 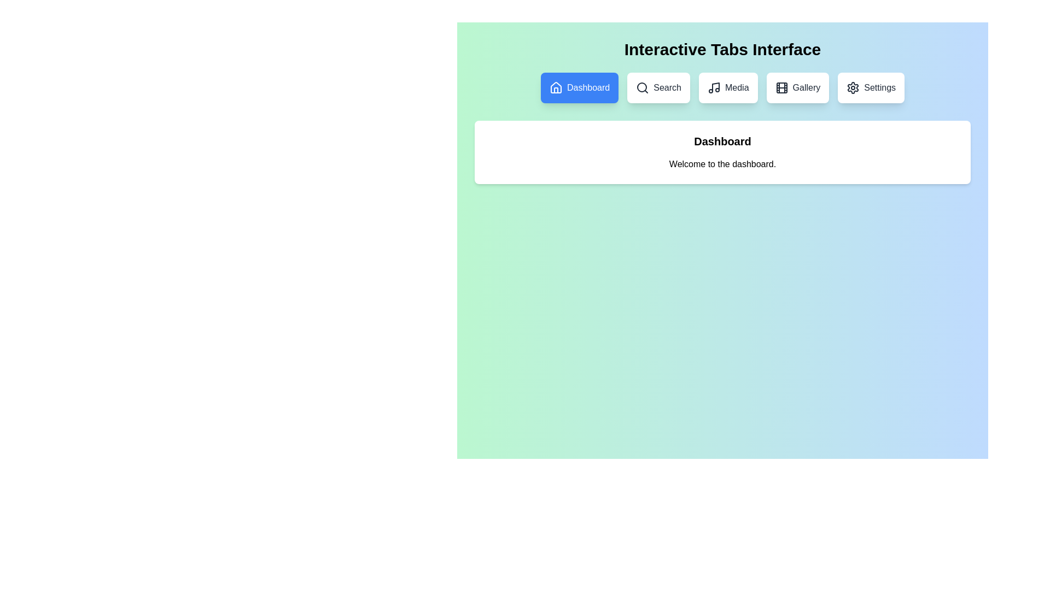 I want to click on the 'Media' navigation button icon, which is the third button from the left in the navigation row located under the title 'Interactive Tabs Interface', so click(x=714, y=87).